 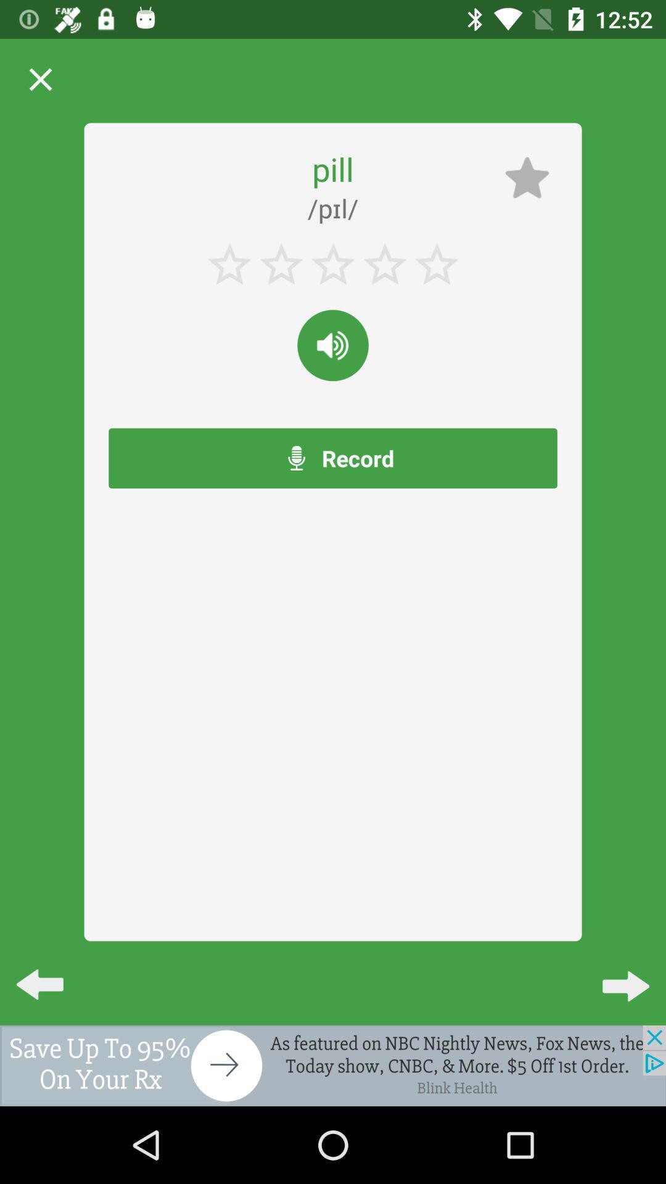 What do you see at coordinates (527, 177) in the screenshot?
I see `the star icon` at bounding box center [527, 177].